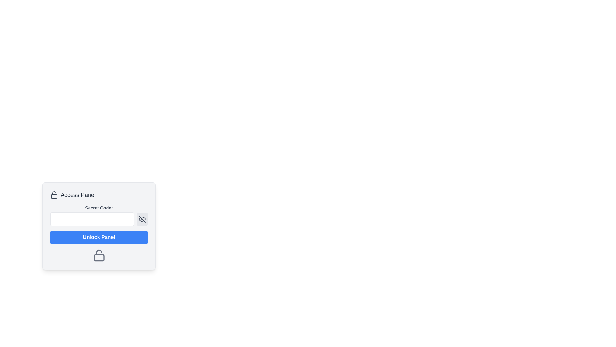 The height and width of the screenshot is (347, 616). What do you see at coordinates (98, 257) in the screenshot?
I see `the visual effect changes of the graphical decoration located at the center of the lock icon below the 'Unlock Panel' button` at bounding box center [98, 257].